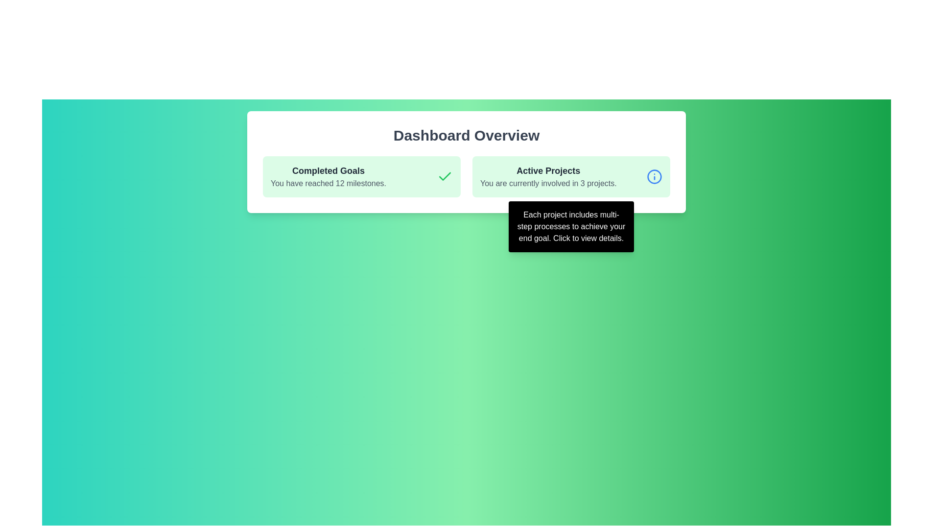 The width and height of the screenshot is (940, 529). What do you see at coordinates (548, 183) in the screenshot?
I see `text label that states 'You are currently involved in 3 projects.' which is styled in a subtle gray font and located below the heading 'Active Projects.' in the top-right section of the layout` at bounding box center [548, 183].